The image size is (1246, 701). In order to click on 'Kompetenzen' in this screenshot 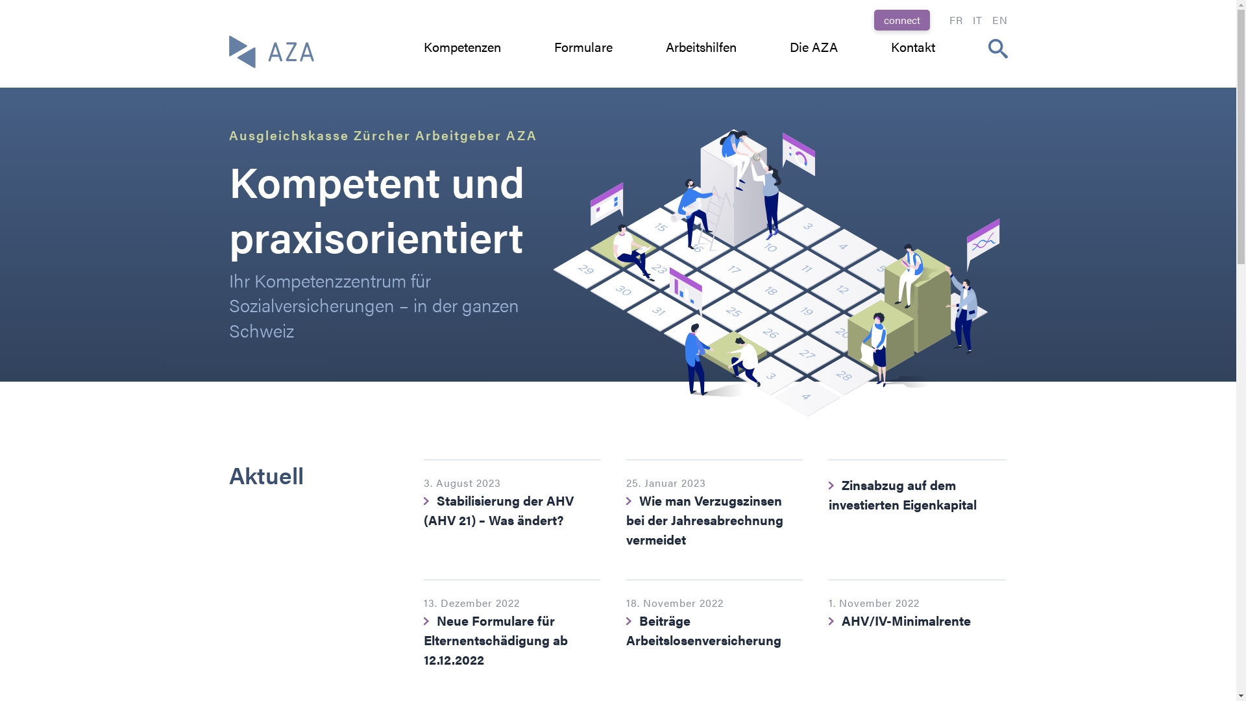, I will do `click(461, 46)`.